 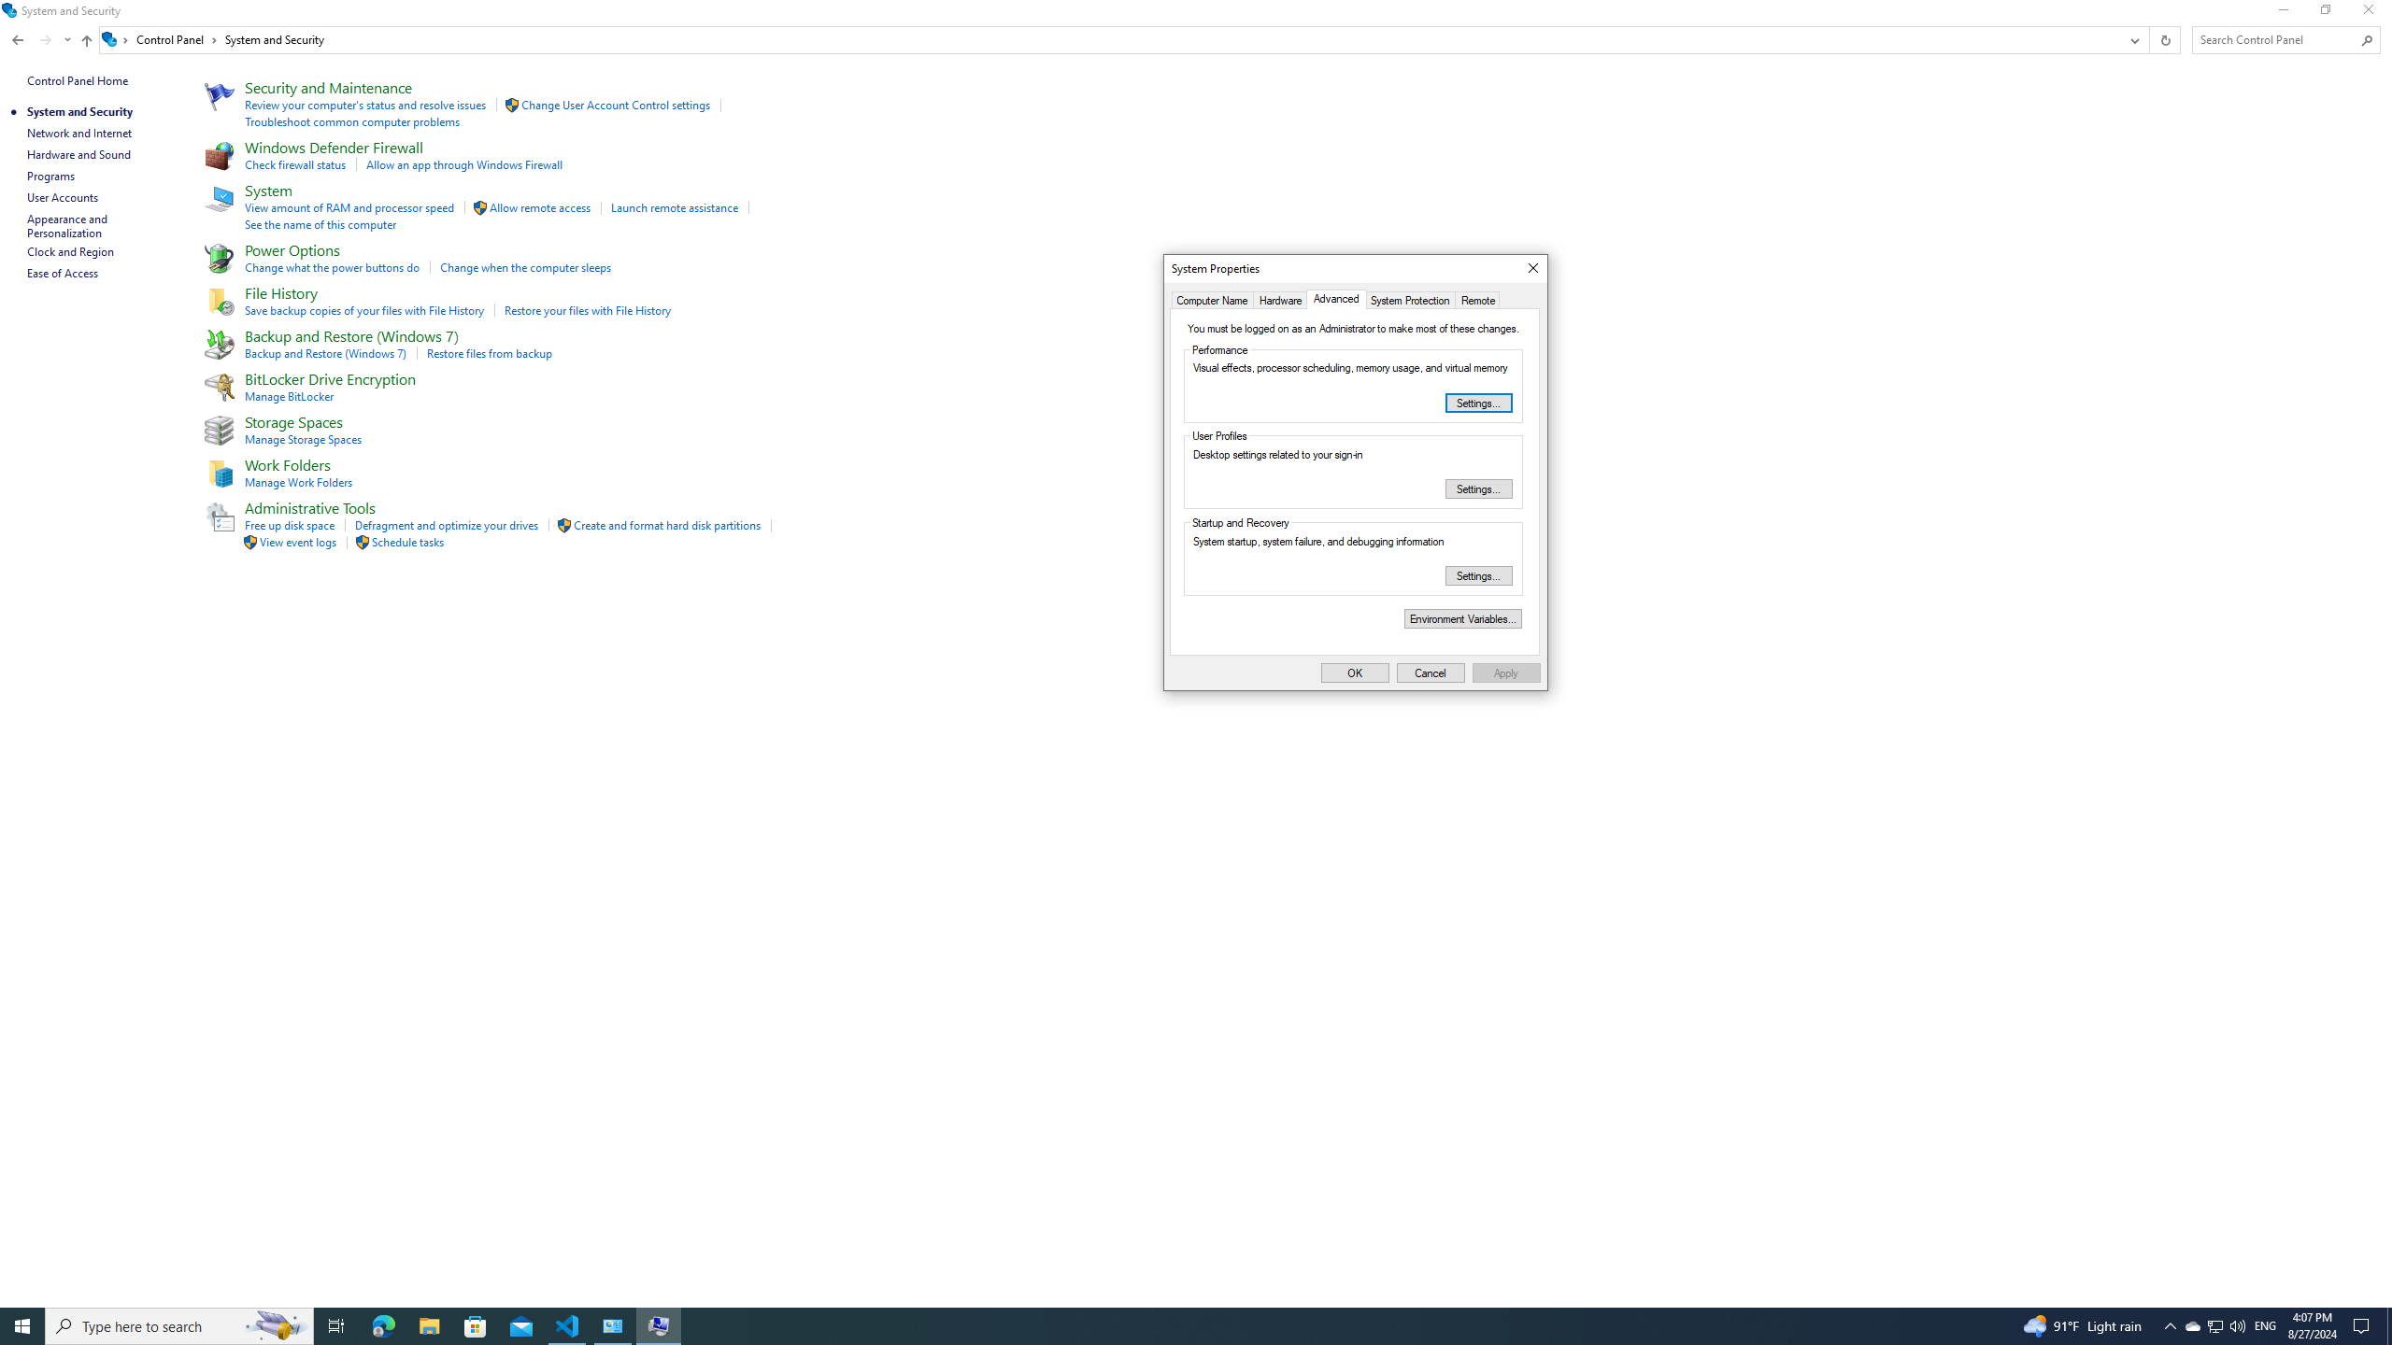 I want to click on 'System Protection', so click(x=1410, y=300).